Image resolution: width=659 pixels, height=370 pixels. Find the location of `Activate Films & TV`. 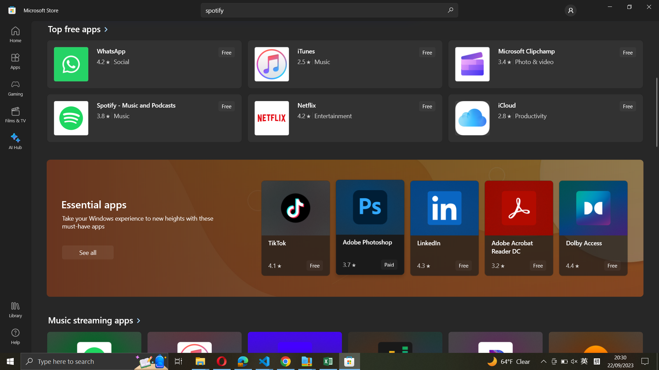

Activate Films & TV is located at coordinates (16, 114).